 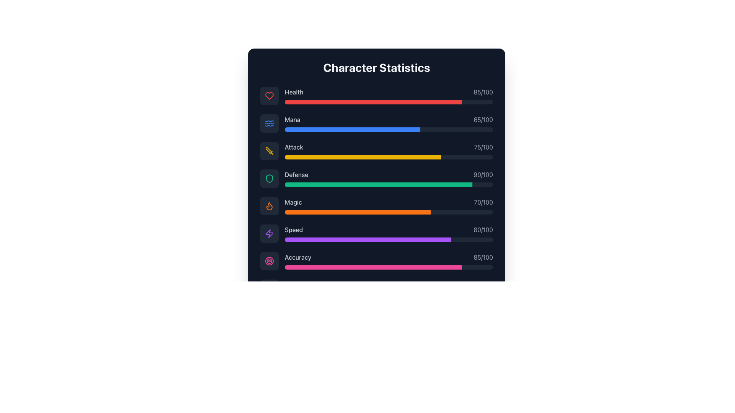 I want to click on the 'Attack' progress bar, which shows a value of '75/100' and is prominently positioned in the character statistics list, so click(x=389, y=151).